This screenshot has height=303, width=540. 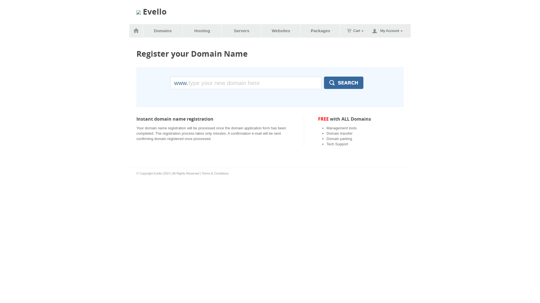 I want to click on 'Search', so click(x=343, y=82).